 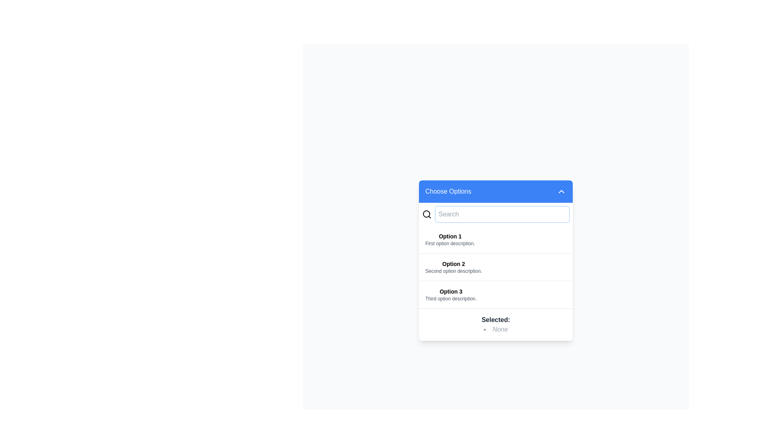 What do you see at coordinates (453, 264) in the screenshot?
I see `the text label reading 'Option 2' in the dropdown menu, which is formatted in a bold font and is the second entry in the list` at bounding box center [453, 264].